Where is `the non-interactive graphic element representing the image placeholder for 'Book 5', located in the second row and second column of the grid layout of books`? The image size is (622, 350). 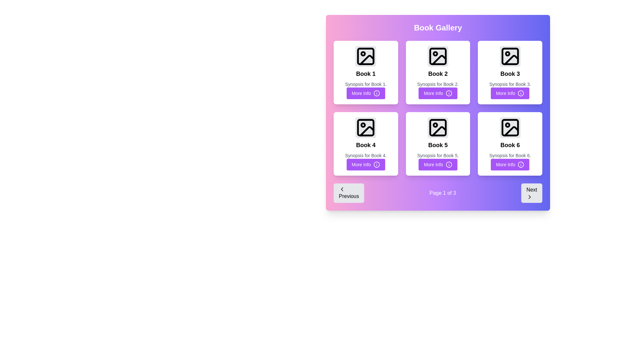
the non-interactive graphic element representing the image placeholder for 'Book 5', located in the second row and second column of the grid layout of books is located at coordinates (438, 127).